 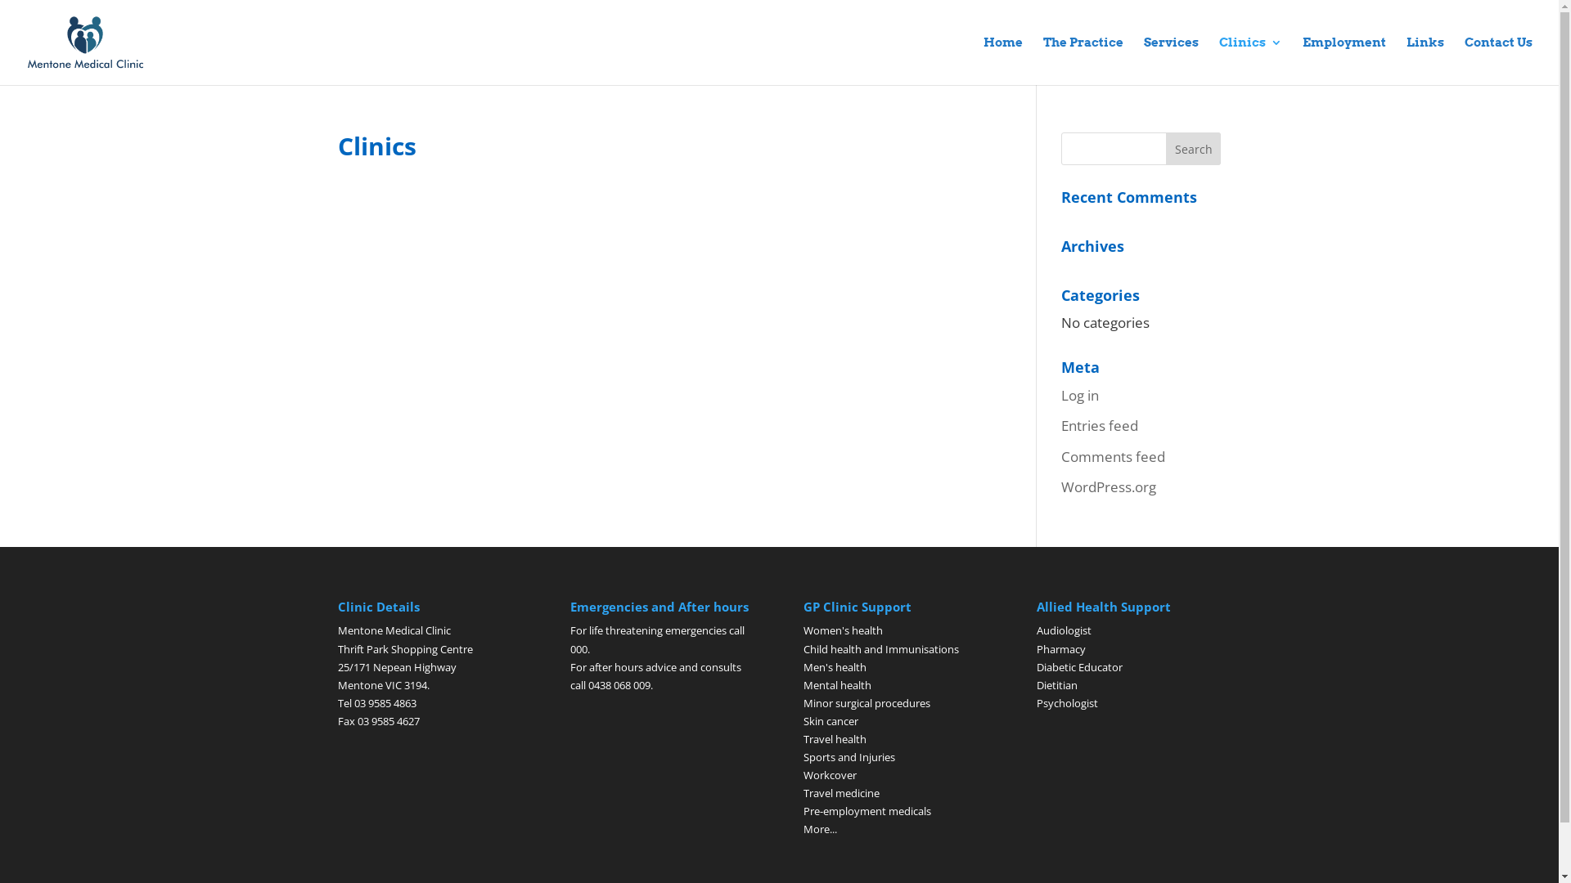 What do you see at coordinates (820, 829) in the screenshot?
I see `'More...'` at bounding box center [820, 829].